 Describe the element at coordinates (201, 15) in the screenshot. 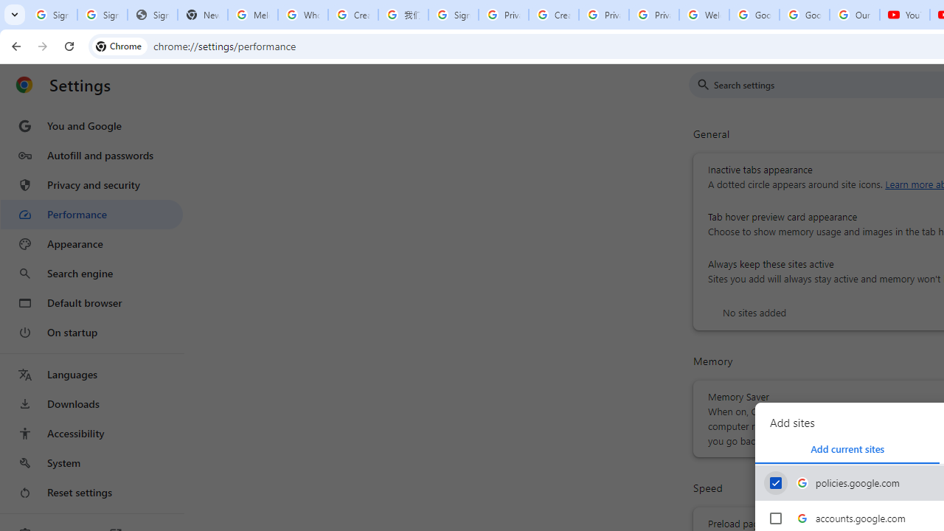

I see `'New Tab'` at that location.